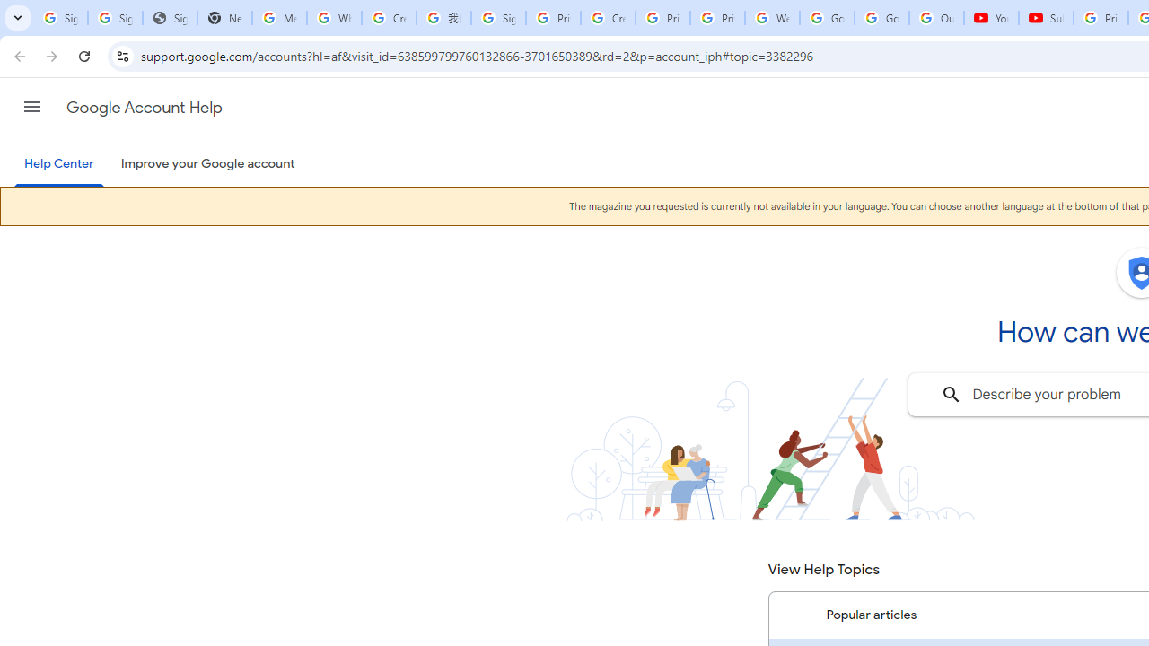 The width and height of the screenshot is (1149, 646). I want to click on 'Sign In - USA TODAY', so click(170, 18).